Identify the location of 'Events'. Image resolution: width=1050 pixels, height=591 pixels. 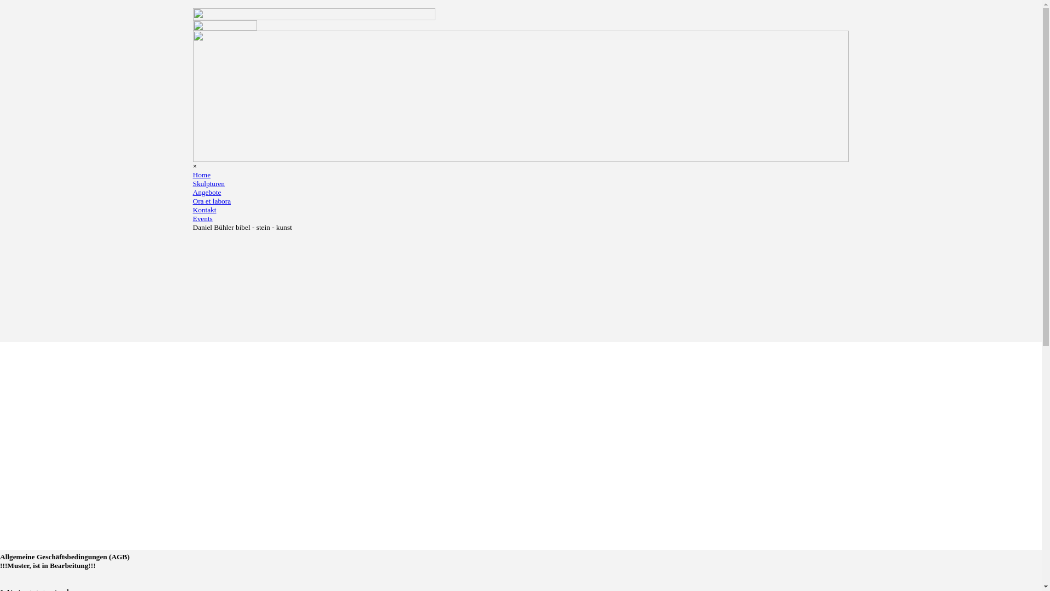
(202, 218).